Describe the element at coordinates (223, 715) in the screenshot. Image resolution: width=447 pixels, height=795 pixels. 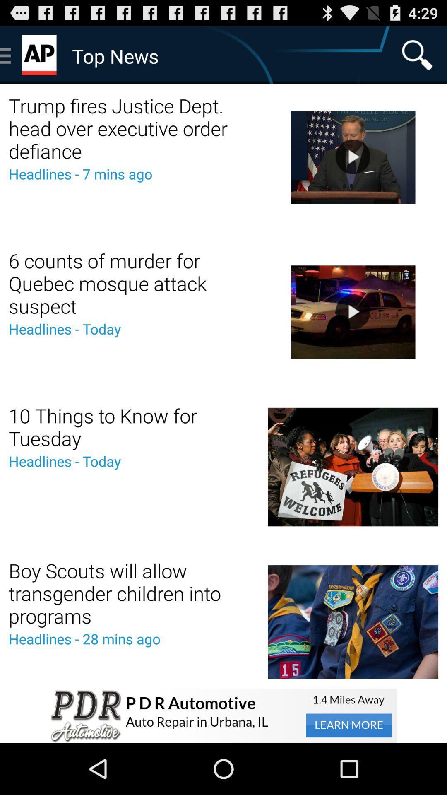
I see `advertisement pop-up` at that location.